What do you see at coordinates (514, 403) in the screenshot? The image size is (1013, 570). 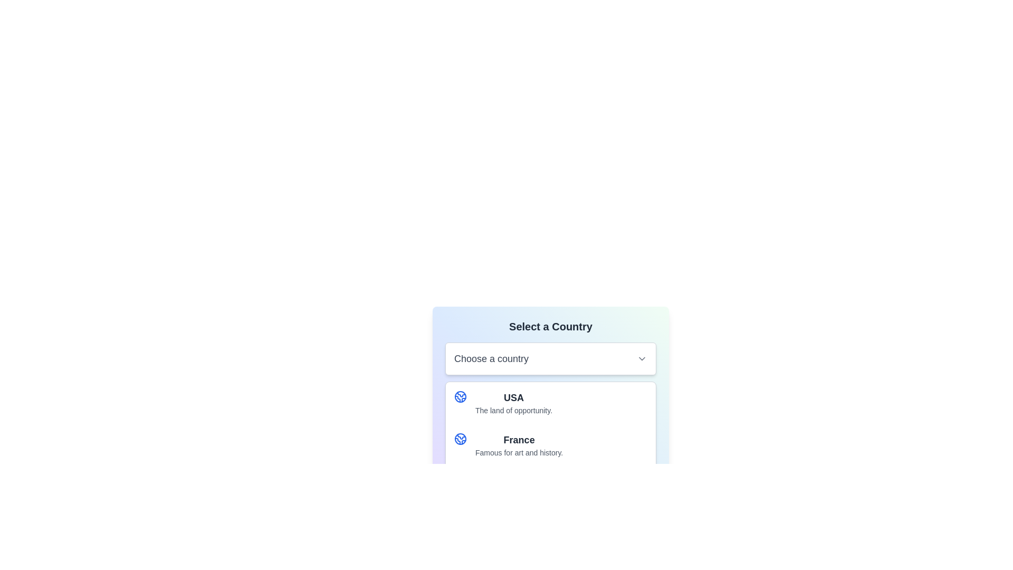 I see `keyboard navigation` at bounding box center [514, 403].